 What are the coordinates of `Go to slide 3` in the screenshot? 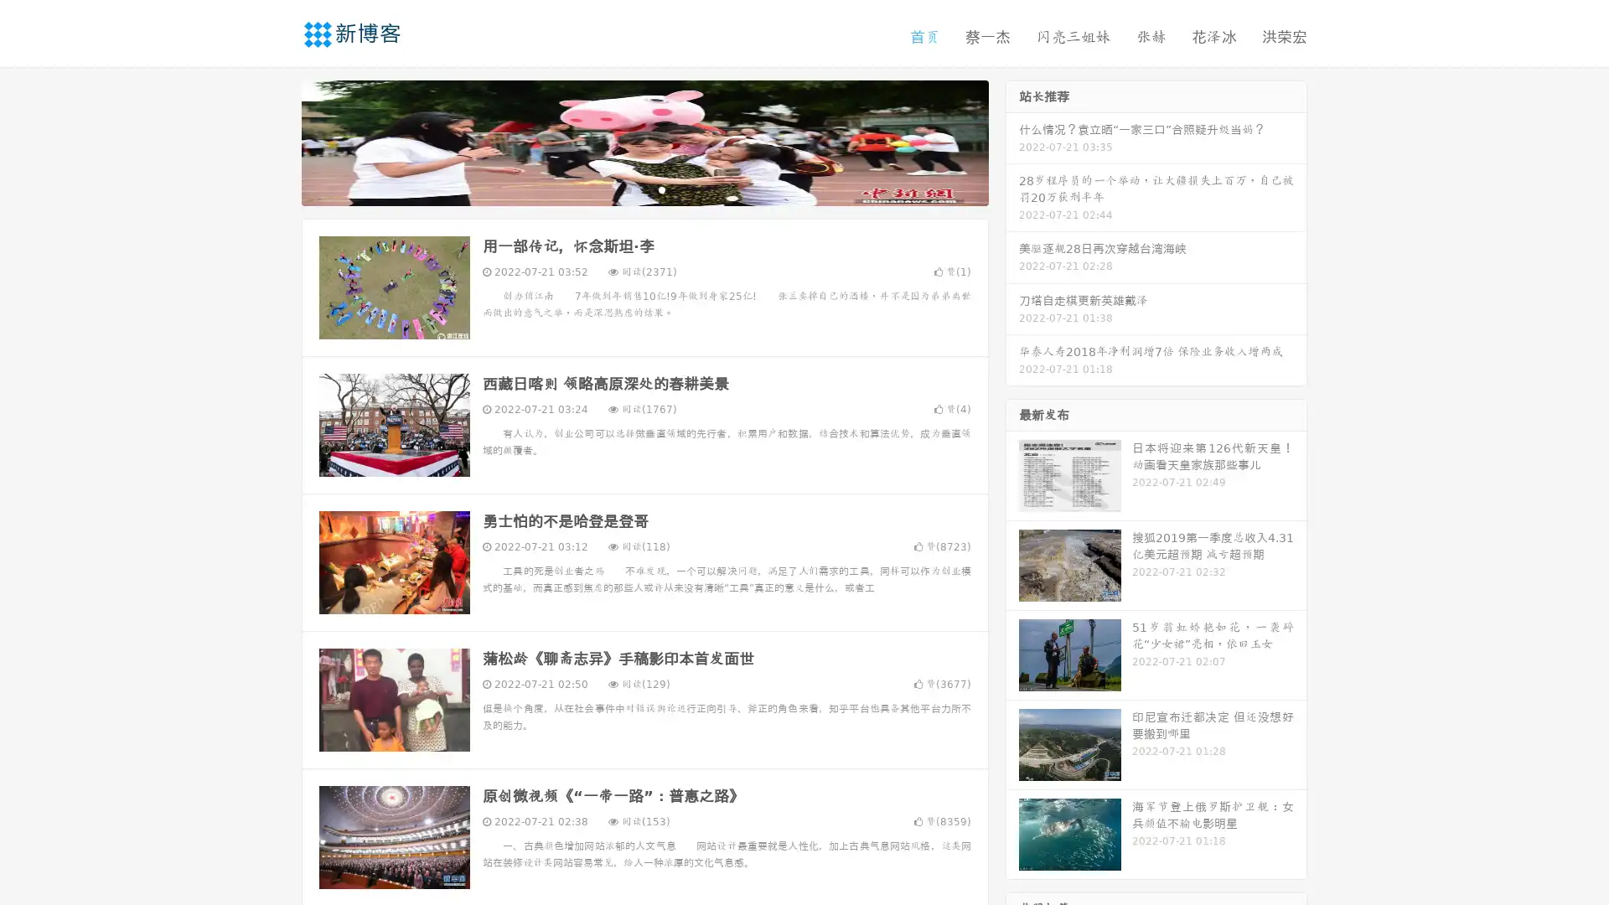 It's located at (661, 189).